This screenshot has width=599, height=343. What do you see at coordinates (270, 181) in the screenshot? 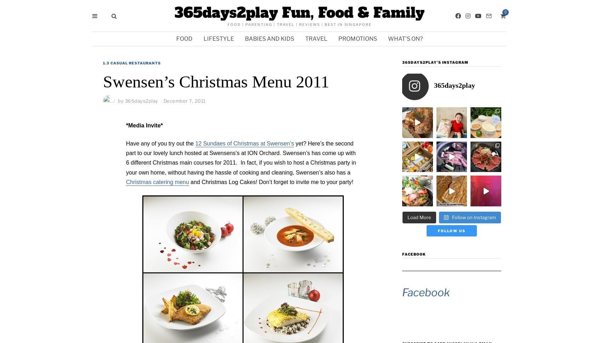
I see `'and Christmas Log Cakes! Don’t forget to invite me to your party!'` at bounding box center [270, 181].